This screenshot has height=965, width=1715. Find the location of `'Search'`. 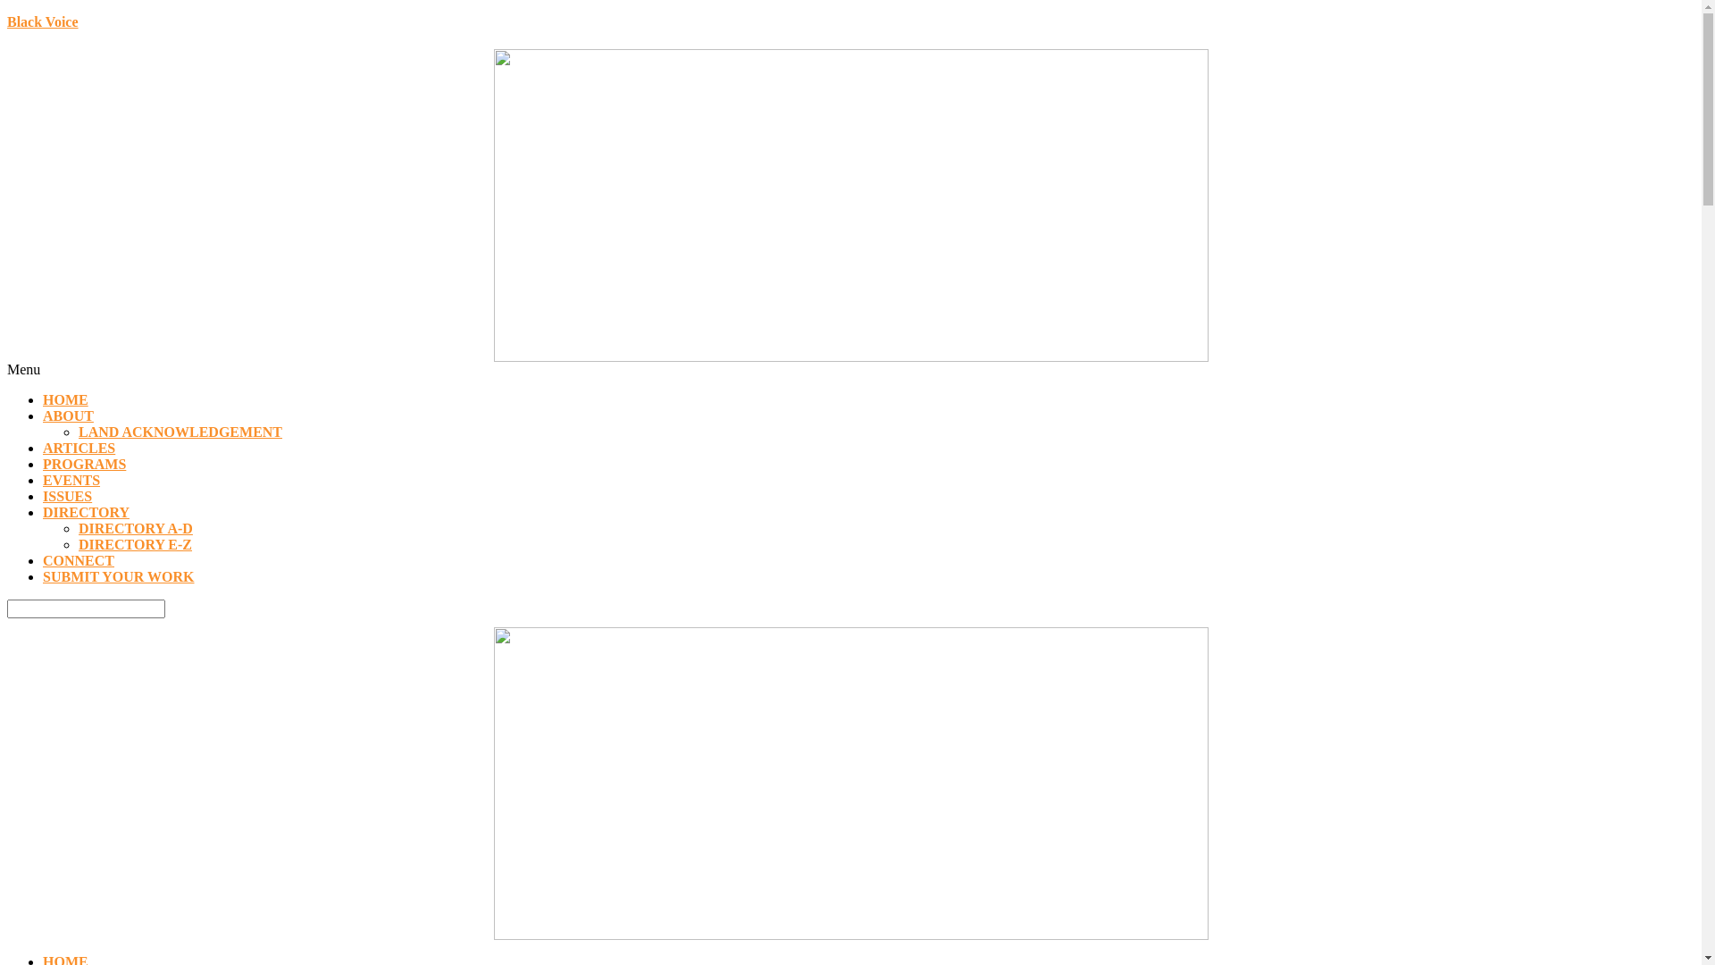

'Search' is located at coordinates (7, 608).